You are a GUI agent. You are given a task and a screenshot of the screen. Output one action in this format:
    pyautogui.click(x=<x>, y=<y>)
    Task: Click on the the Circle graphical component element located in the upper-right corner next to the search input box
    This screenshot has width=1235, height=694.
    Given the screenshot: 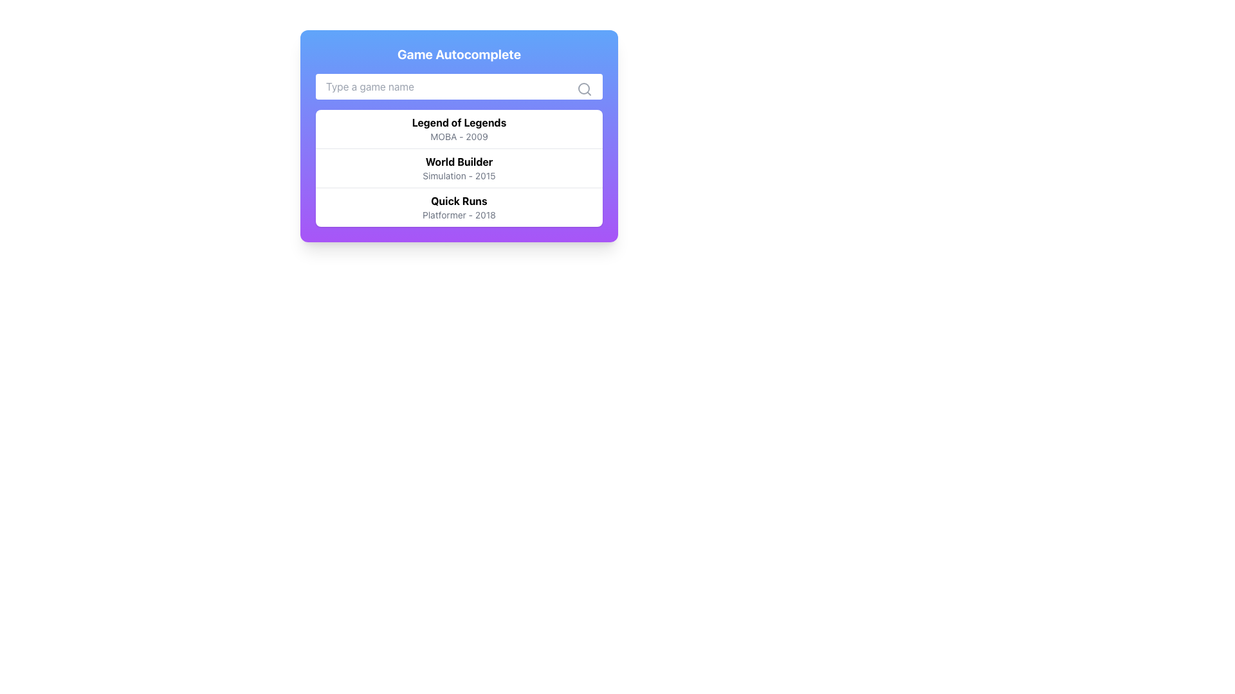 What is the action you would take?
    pyautogui.click(x=583, y=88)
    